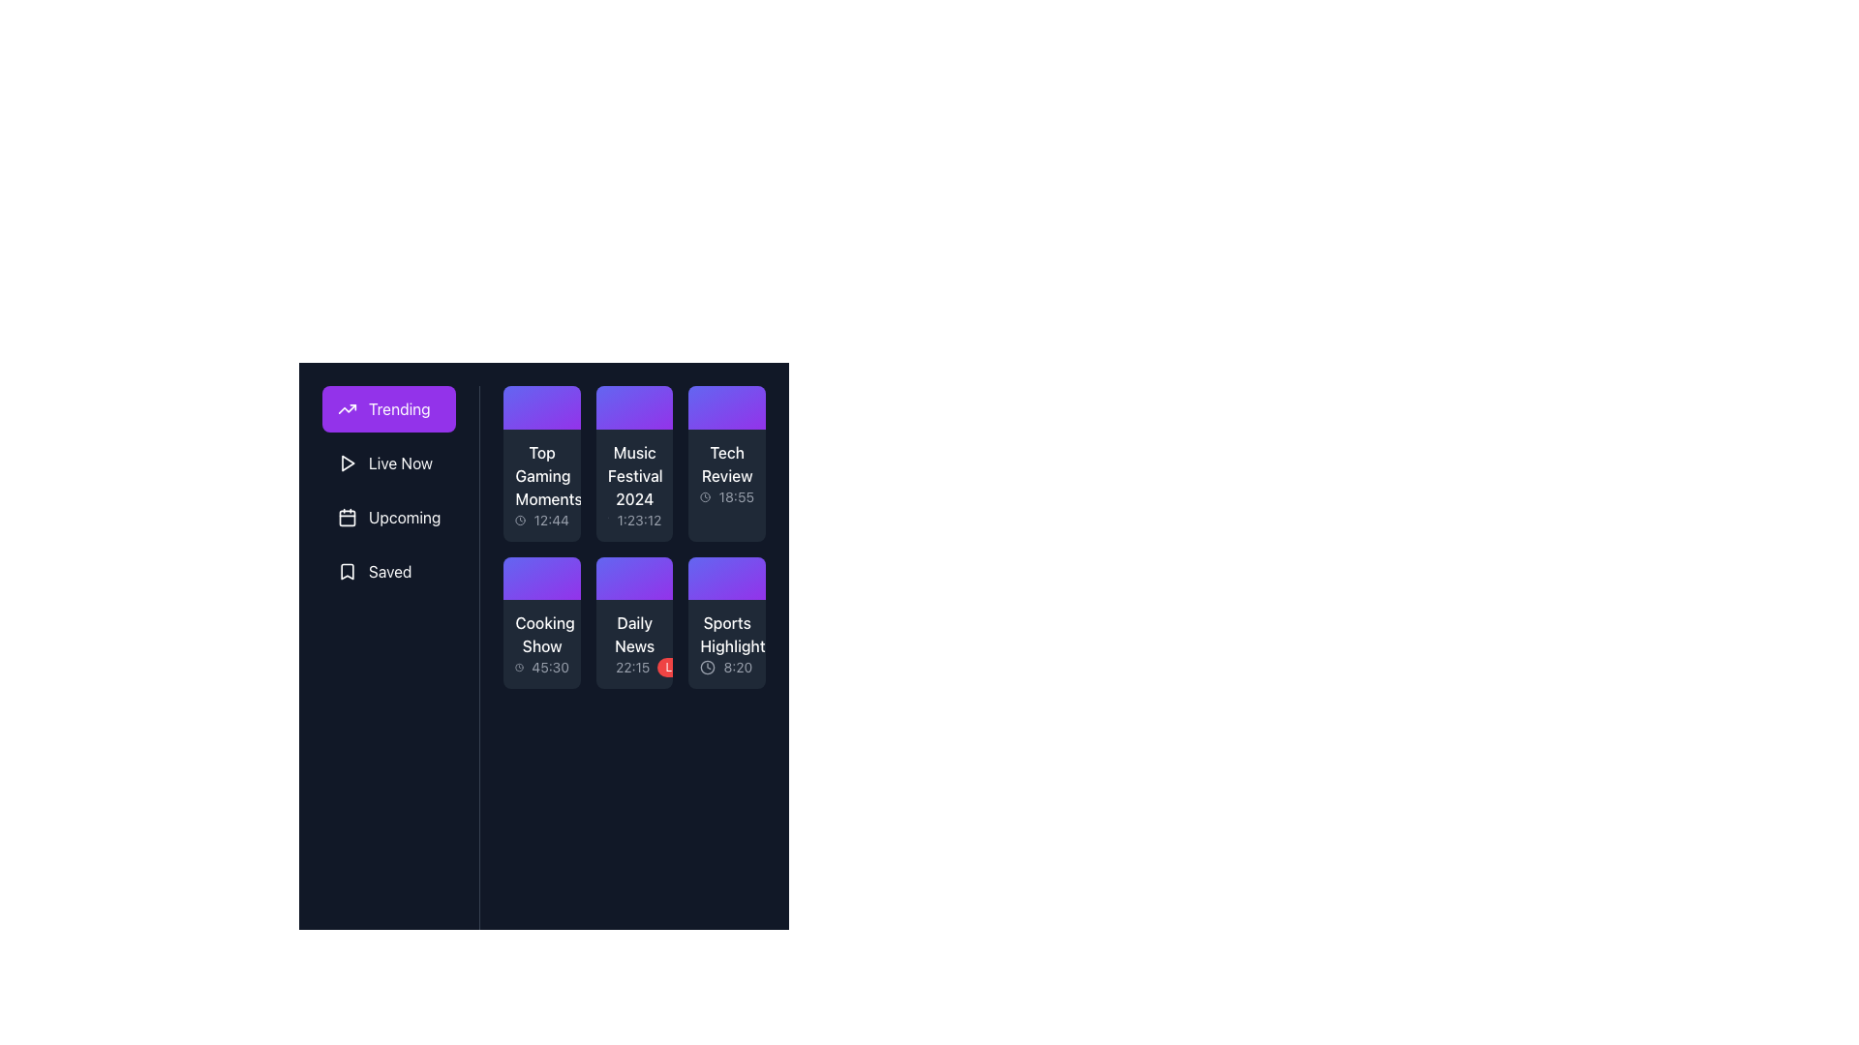  What do you see at coordinates (348, 463) in the screenshot?
I see `the triangular play icon located in the 'Live Now' menu item within the left sidebar below the 'Trending' button` at bounding box center [348, 463].